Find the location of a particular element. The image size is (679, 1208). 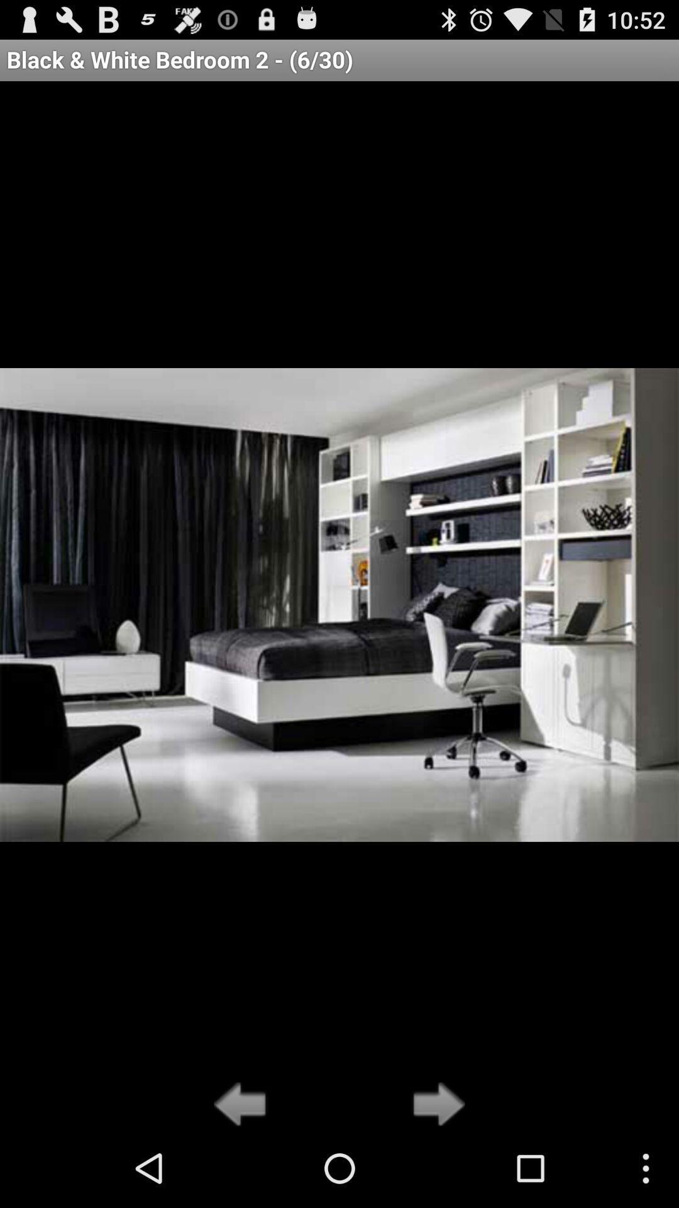

previous page is located at coordinates (243, 1105).